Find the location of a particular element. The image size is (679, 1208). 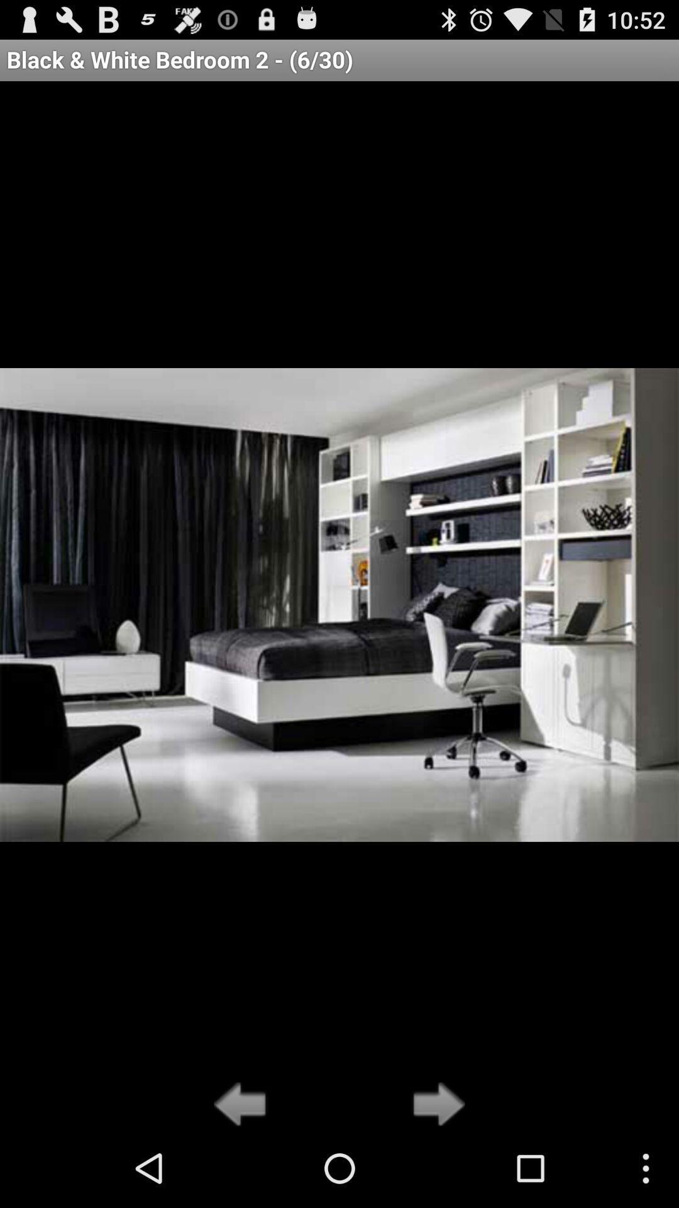

previous page is located at coordinates (243, 1105).